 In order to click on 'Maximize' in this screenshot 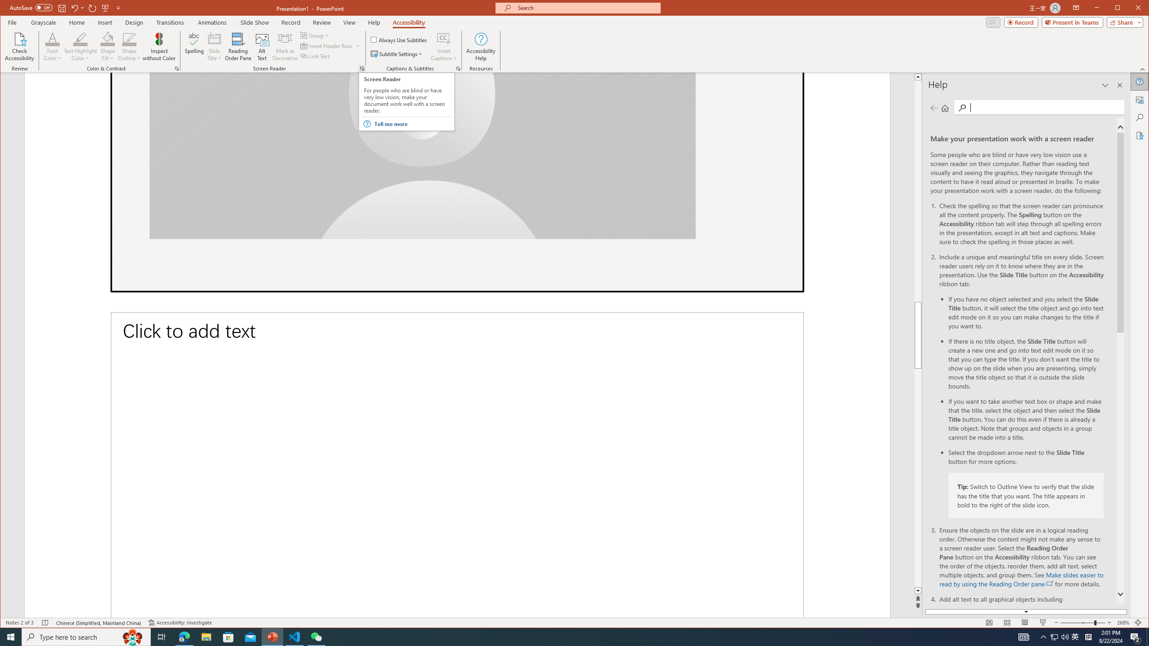, I will do `click(1131, 9)`.